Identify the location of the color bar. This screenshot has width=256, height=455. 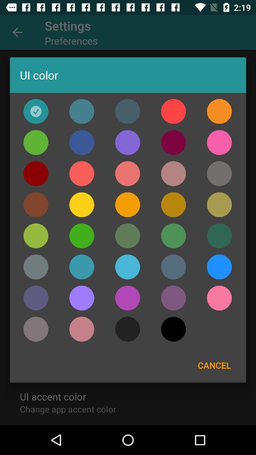
(128, 297).